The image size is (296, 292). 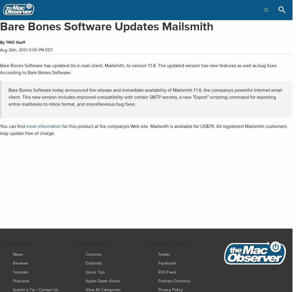 What do you see at coordinates (143, 129) in the screenshot?
I see `'for this product at the companyis Web site. Mailsnith is available for US$79. All registered Mailsmith customers may update free of charge.'` at bounding box center [143, 129].